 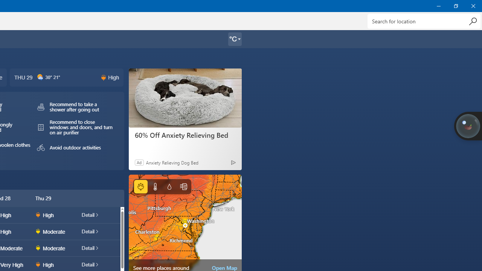 I want to click on 'Search for location', so click(x=424, y=21).